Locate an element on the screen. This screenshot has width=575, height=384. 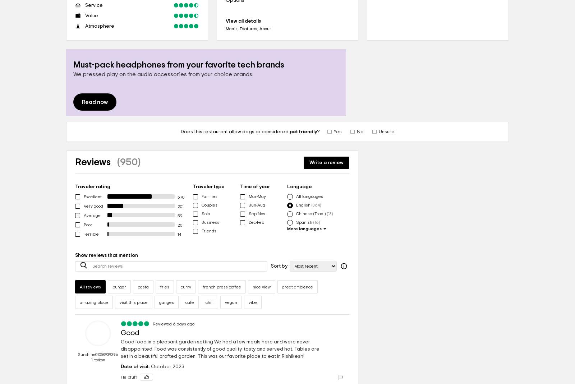
'Write a review' is located at coordinates (326, 162).